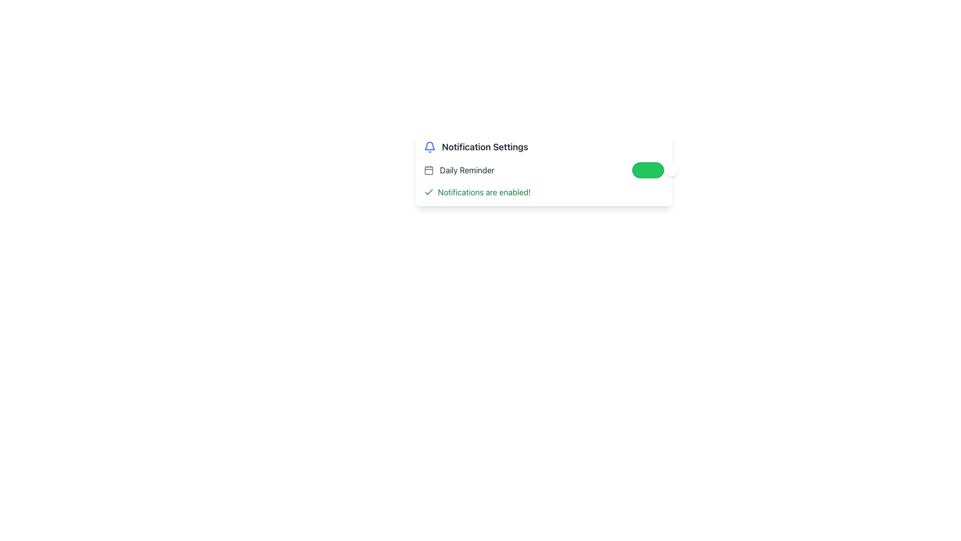 This screenshot has width=961, height=541. What do you see at coordinates (429, 169) in the screenshot?
I see `the calendar icon located to the left of the 'Daily Reminder' text under 'Notification Settings'` at bounding box center [429, 169].